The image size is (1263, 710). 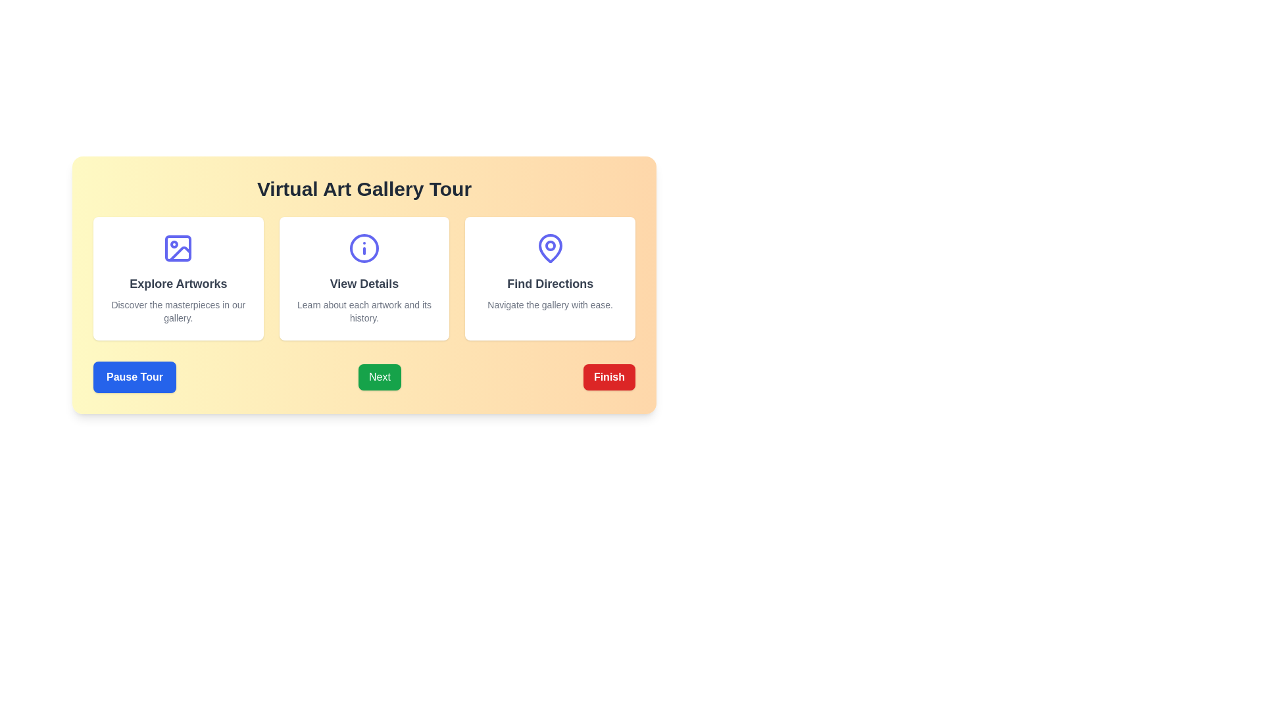 What do you see at coordinates (178, 248) in the screenshot?
I see `the graphic icon that resembles an image frame with a blue outline, located above the text 'Explore Artworks' in the leftmost card of three horizontally aligned cards` at bounding box center [178, 248].